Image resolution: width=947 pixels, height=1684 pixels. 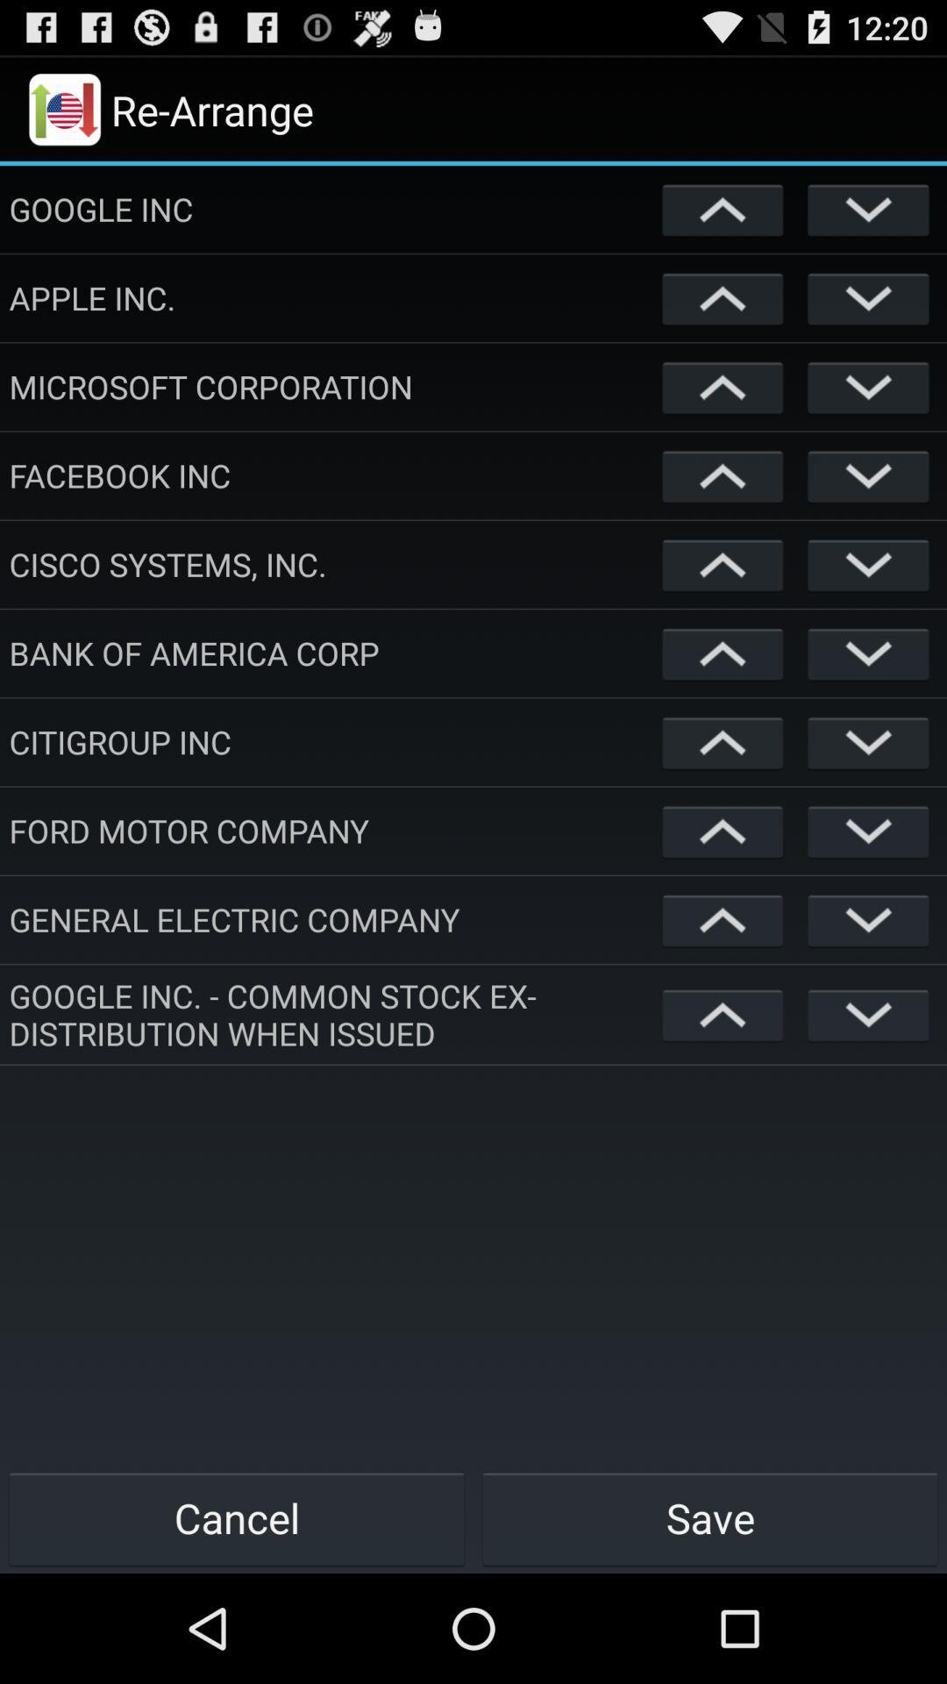 I want to click on button at the bottom right corner, so click(x=710, y=1517).